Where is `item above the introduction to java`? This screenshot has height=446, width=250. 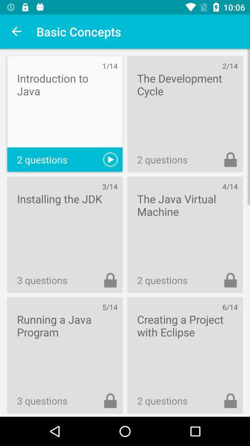 item above the introduction to java is located at coordinates (17, 32).